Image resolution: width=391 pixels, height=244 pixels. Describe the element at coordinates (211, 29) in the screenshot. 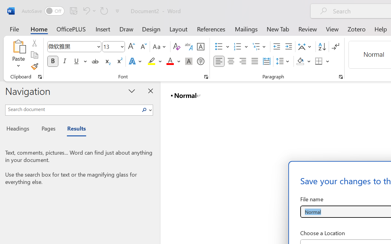

I see `'References'` at that location.